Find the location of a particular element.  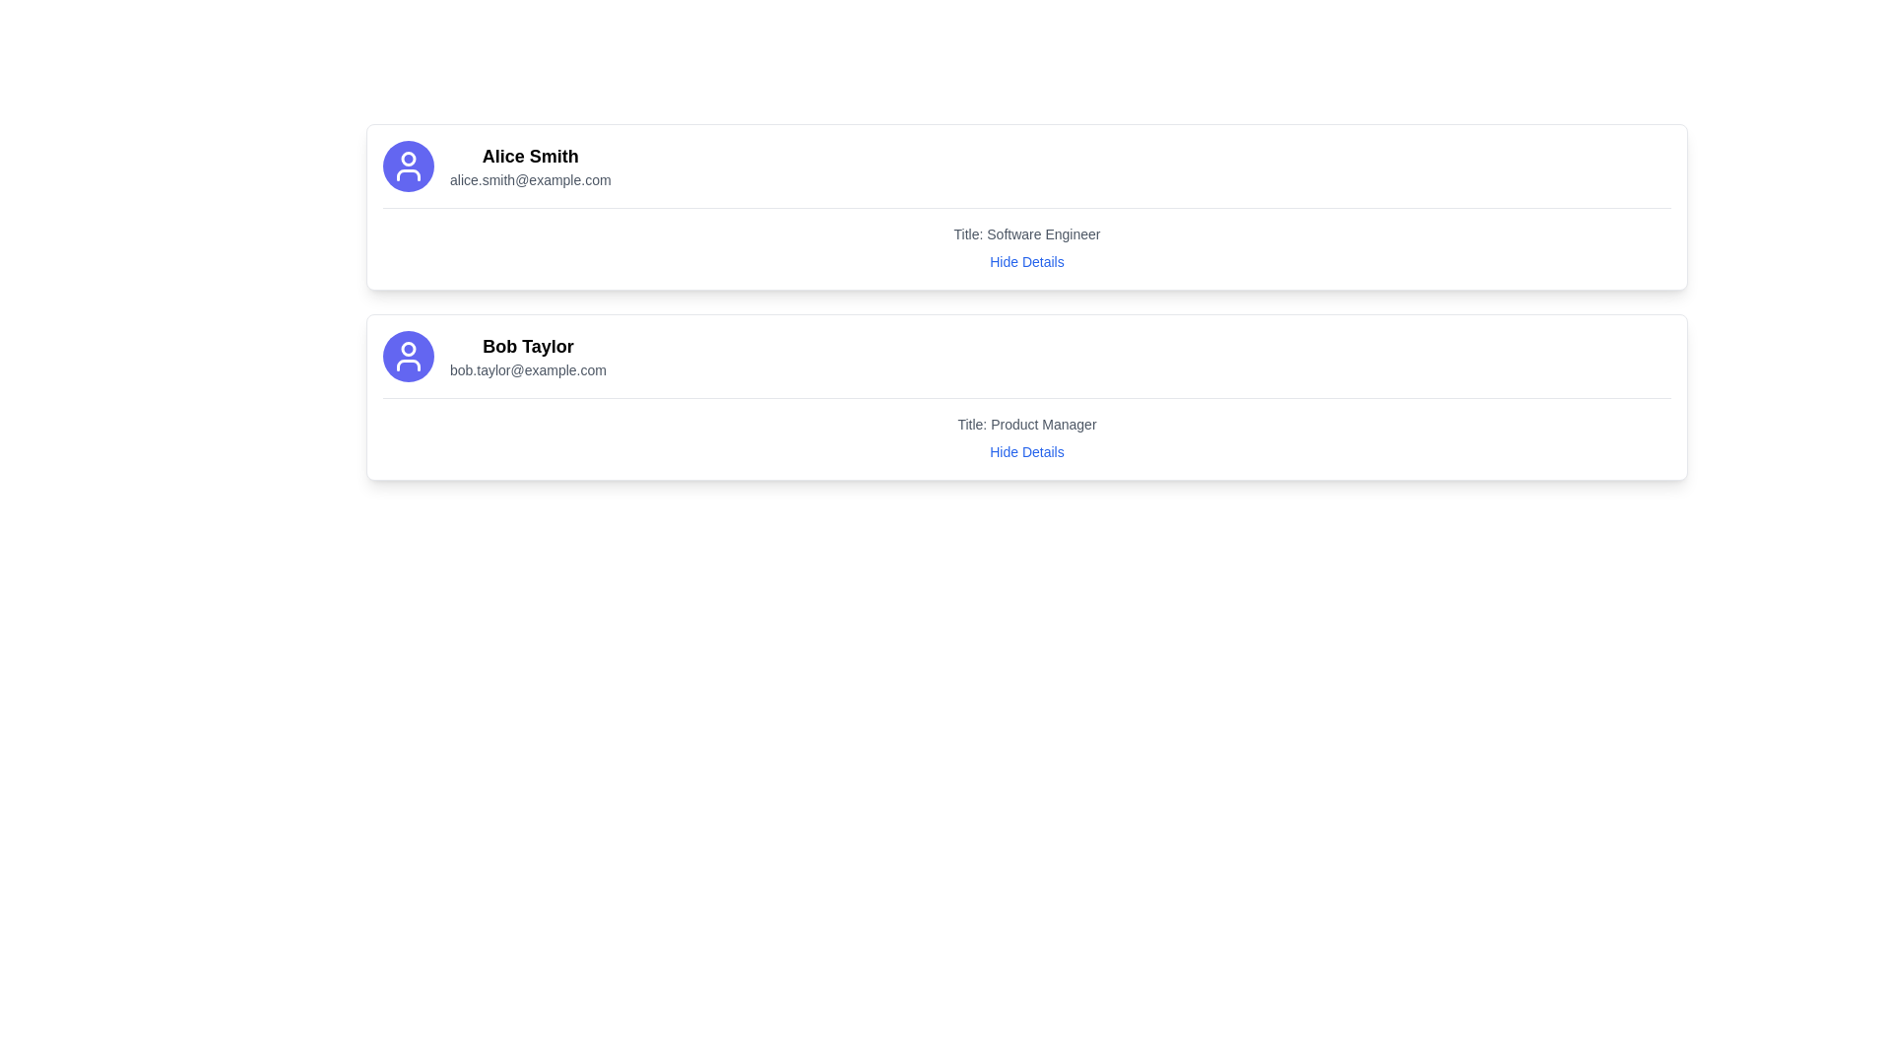

the generic profile icon representing the user, located within the rounded blue and white circular region above the name and email address of 'Bob Taylor' is located at coordinates (407, 357).